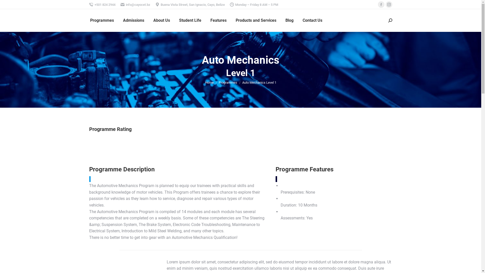 Image resolution: width=485 pixels, height=273 pixels. I want to click on 'Facebook page opens in new window', so click(381, 5).